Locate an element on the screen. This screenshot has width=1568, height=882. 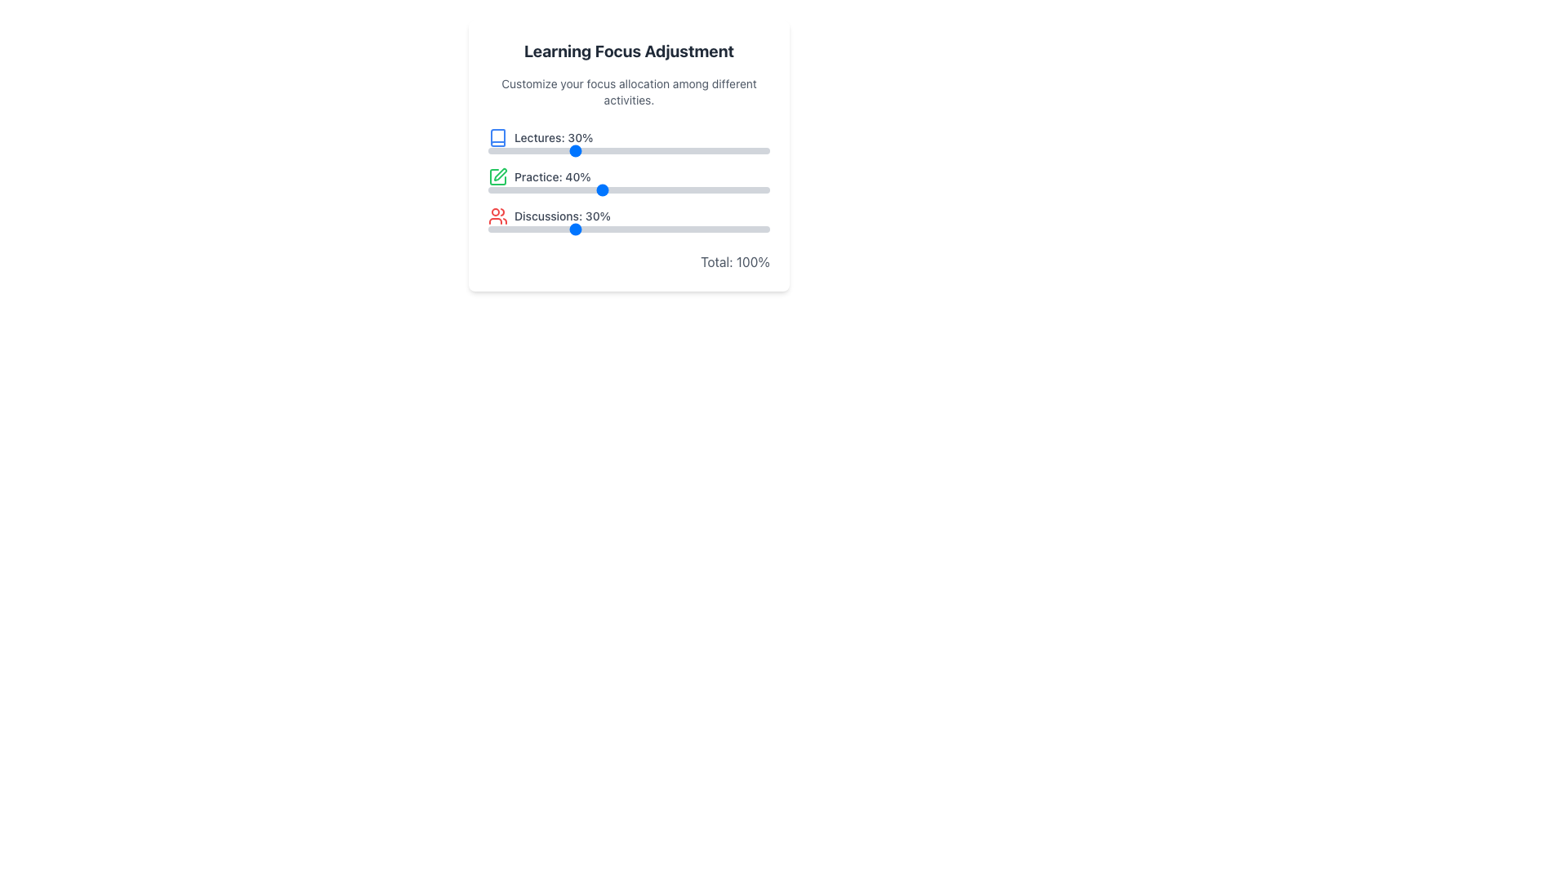
the text label displaying 'Discussions: 30%' which is part of a trio of similar elements providing information about focus allocation, located in the lower part of a vertical list is located at coordinates (563, 216).